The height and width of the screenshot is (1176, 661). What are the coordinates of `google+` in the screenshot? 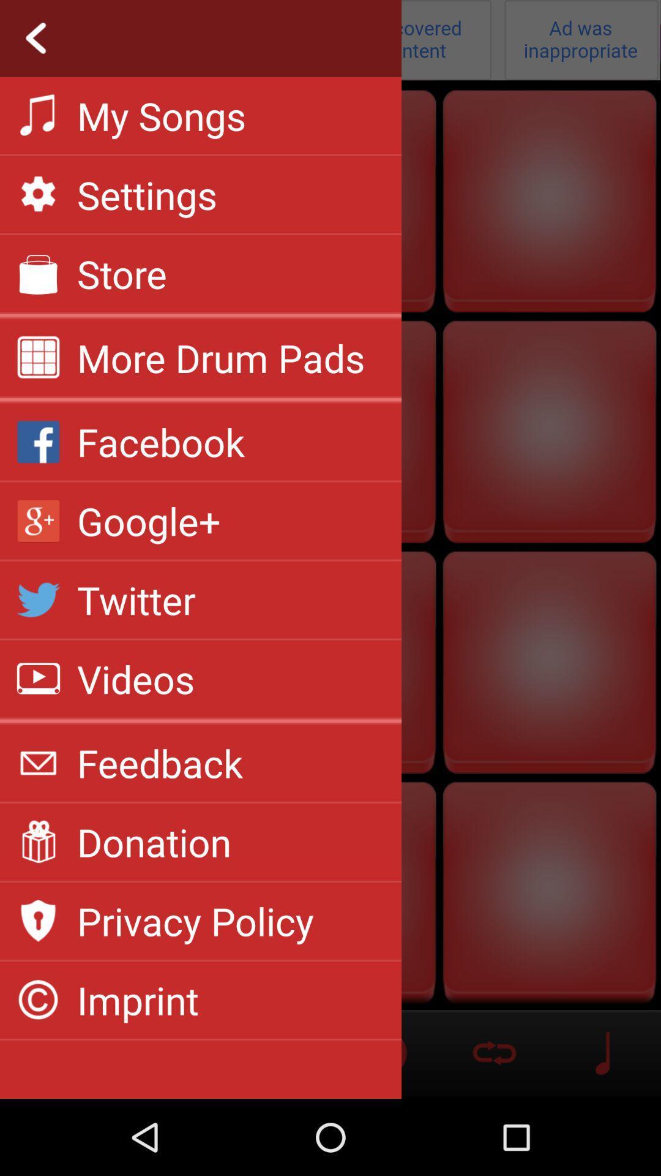 It's located at (148, 521).